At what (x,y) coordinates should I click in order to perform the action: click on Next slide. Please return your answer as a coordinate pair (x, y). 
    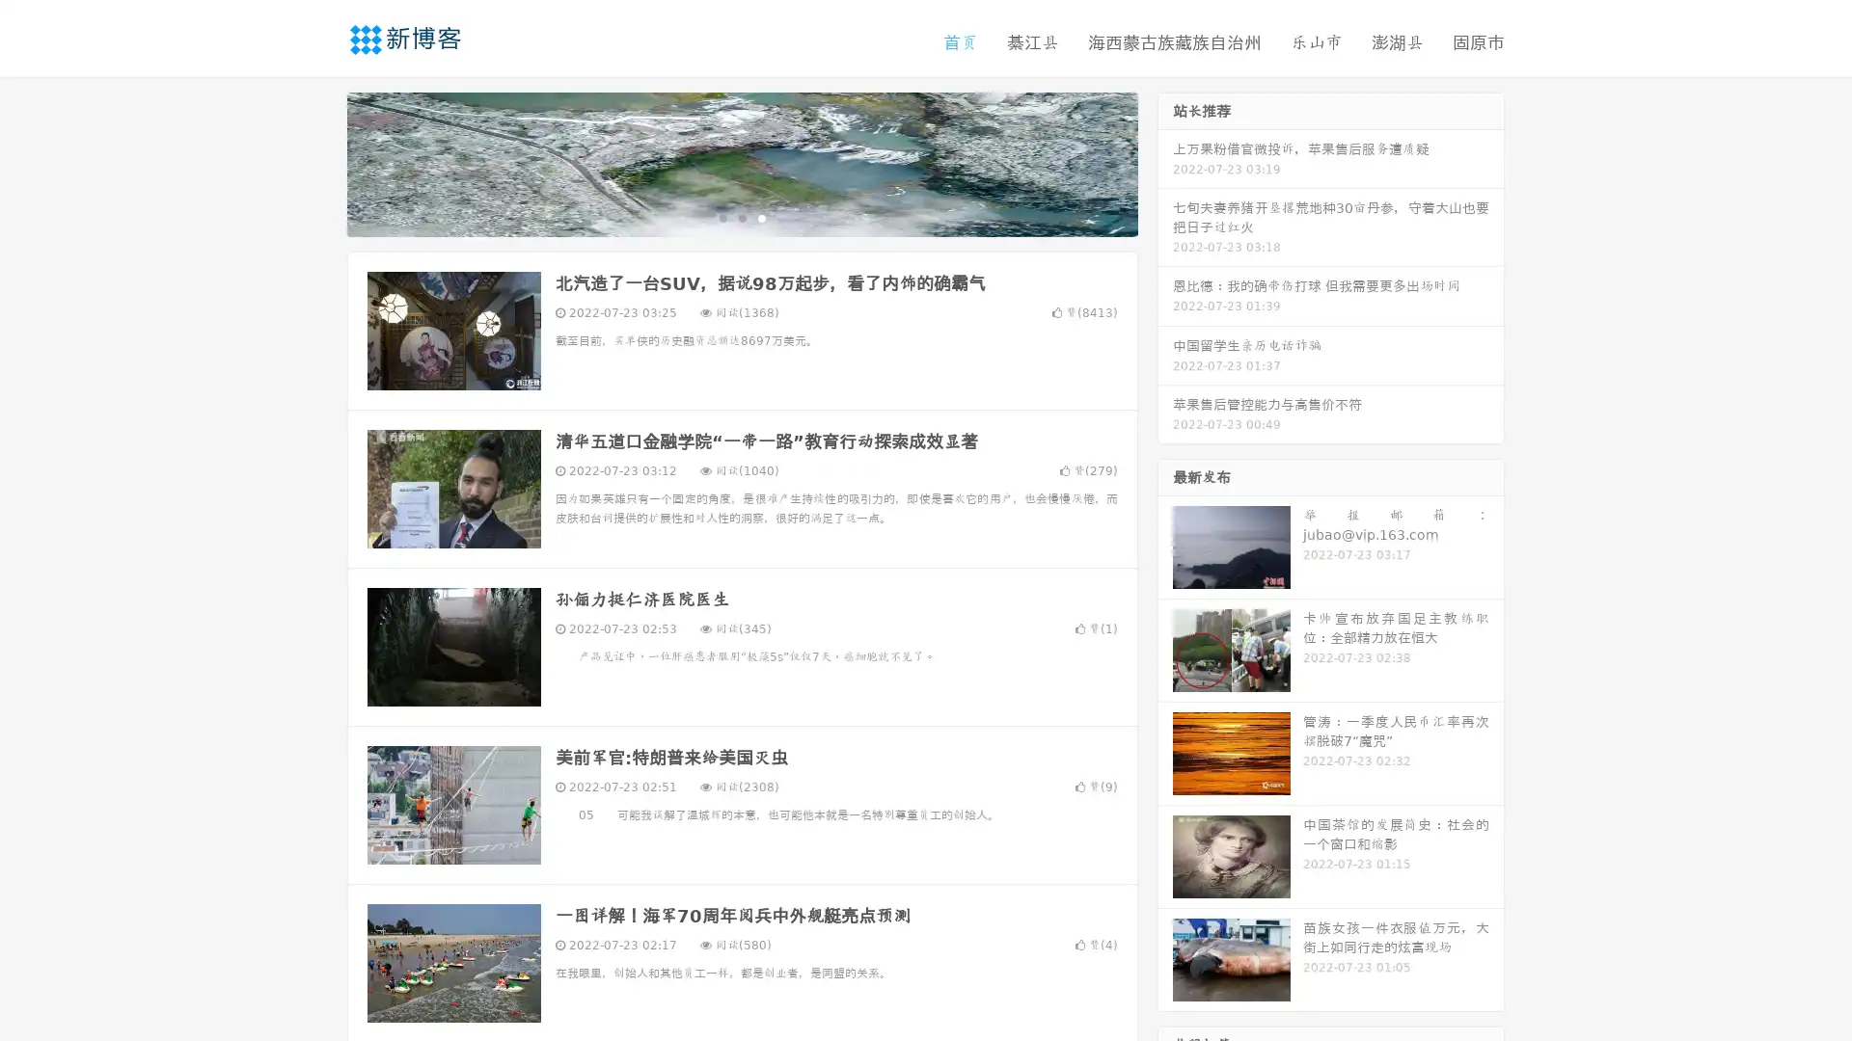
    Looking at the image, I should click on (1165, 162).